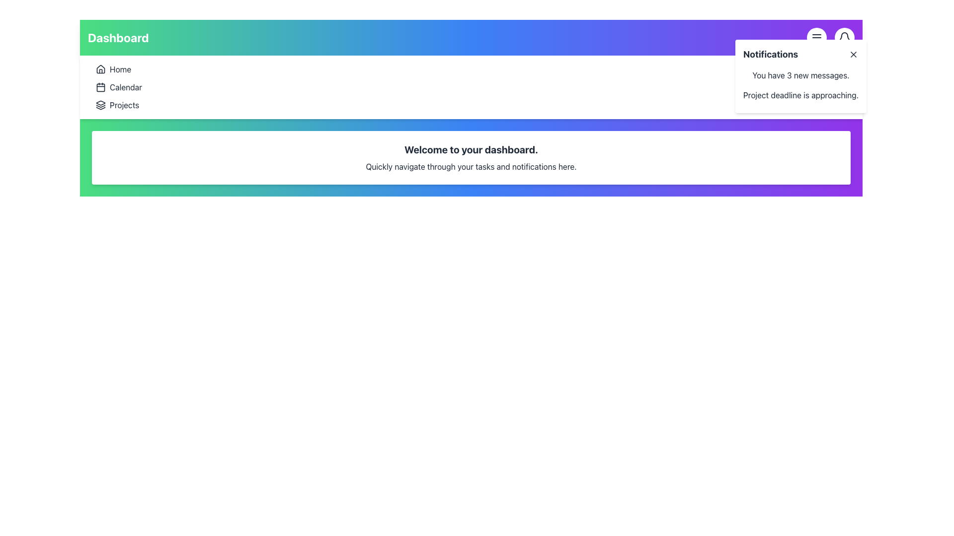  What do you see at coordinates (124, 105) in the screenshot?
I see `the text label for the Projects section located` at bounding box center [124, 105].